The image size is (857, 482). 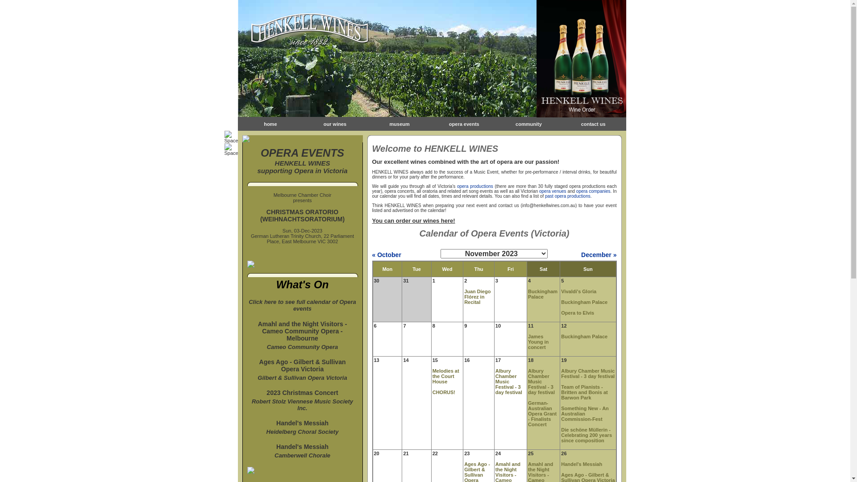 I want to click on 'Handel's Messiah', so click(x=302, y=423).